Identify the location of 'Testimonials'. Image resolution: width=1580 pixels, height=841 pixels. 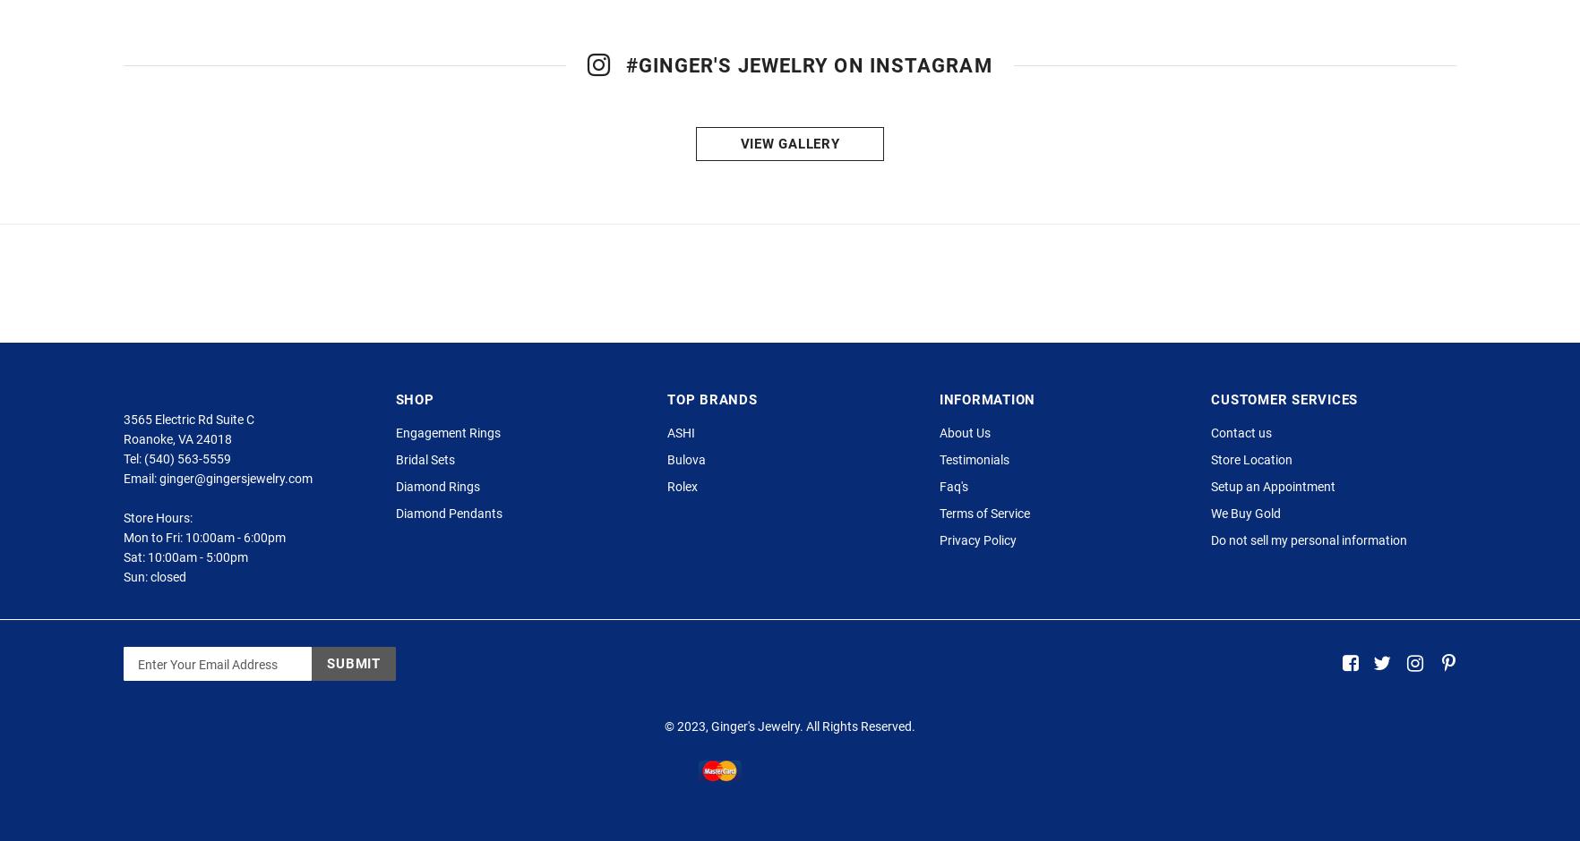
(973, 496).